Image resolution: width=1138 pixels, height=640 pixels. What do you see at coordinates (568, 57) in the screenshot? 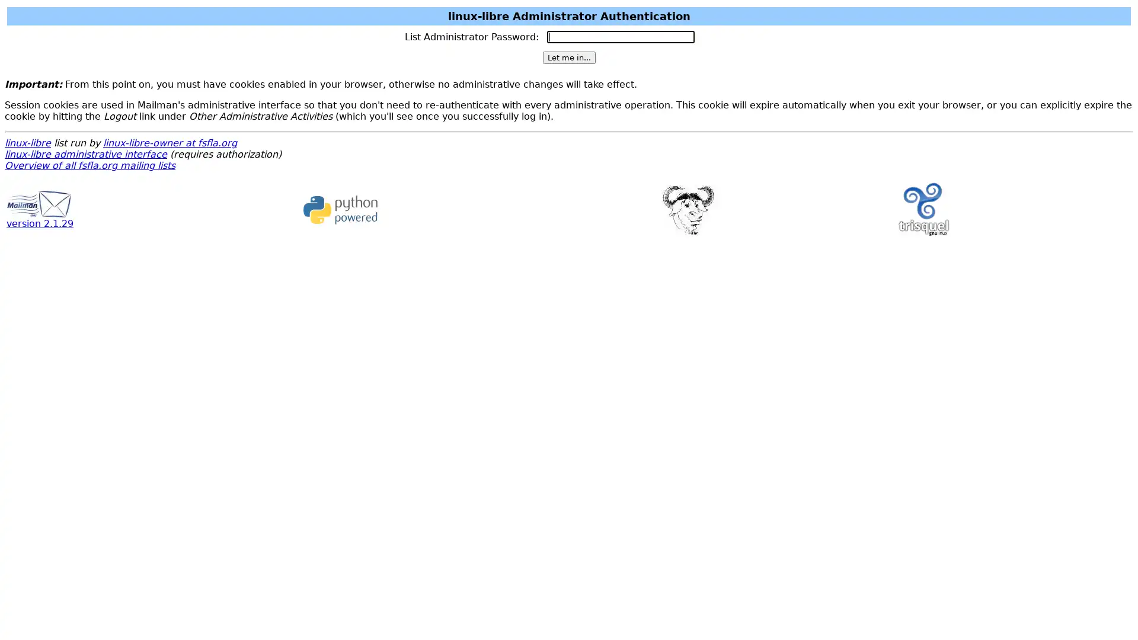
I see `Let me in...` at bounding box center [568, 57].